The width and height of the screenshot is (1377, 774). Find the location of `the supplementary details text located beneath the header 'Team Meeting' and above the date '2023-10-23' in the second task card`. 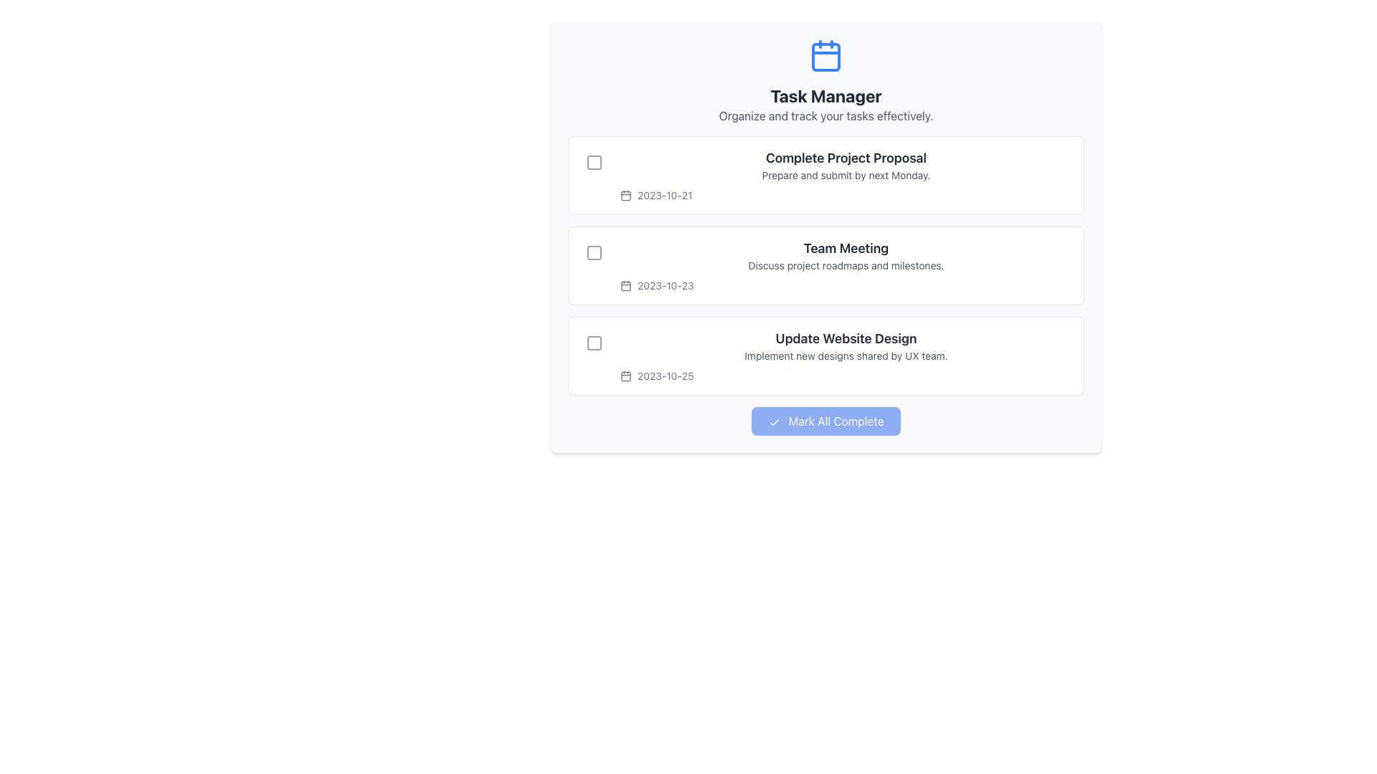

the supplementary details text located beneath the header 'Team Meeting' and above the date '2023-10-23' in the second task card is located at coordinates (846, 265).